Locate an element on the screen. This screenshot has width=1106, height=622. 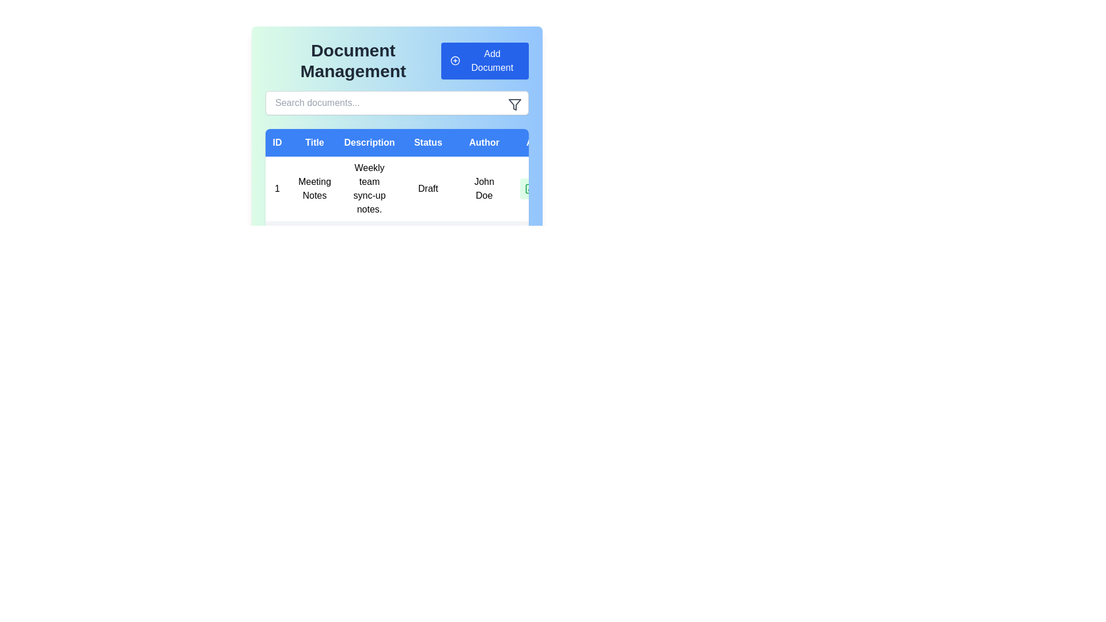
the filter funnel icon button, which is dark gray and located at the far-right end of the search input field is located at coordinates (514, 104).